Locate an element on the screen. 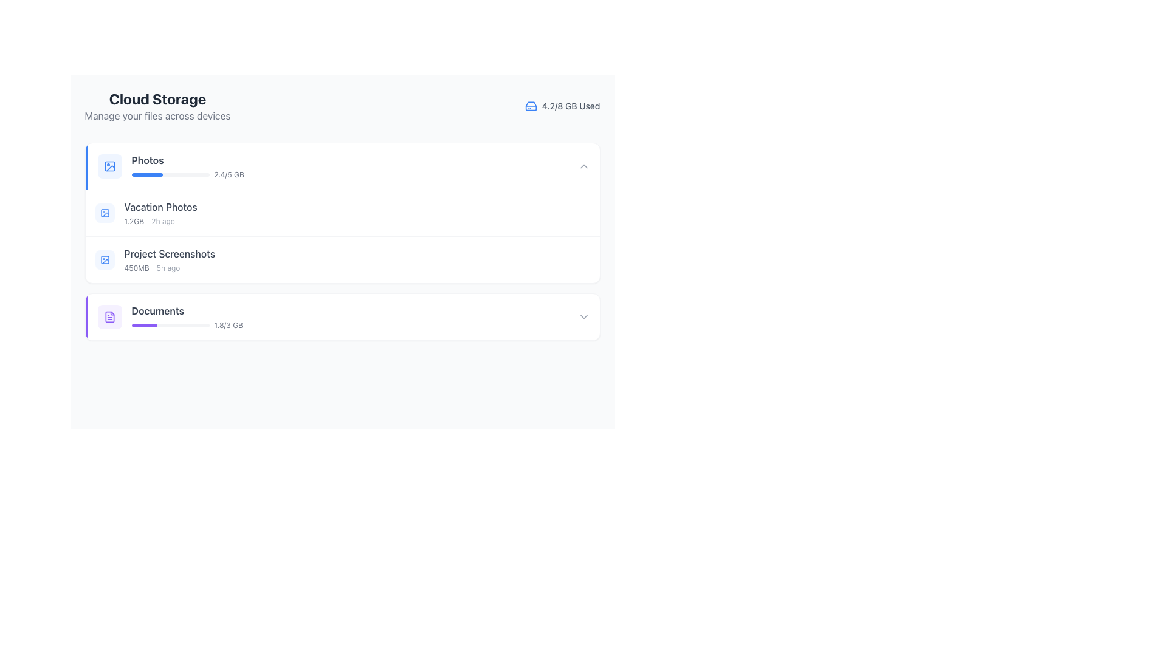  the downward-facing chevron icon, which is styled in light gray and located at the far right edge of the 'Documents' row is located at coordinates (583, 316).